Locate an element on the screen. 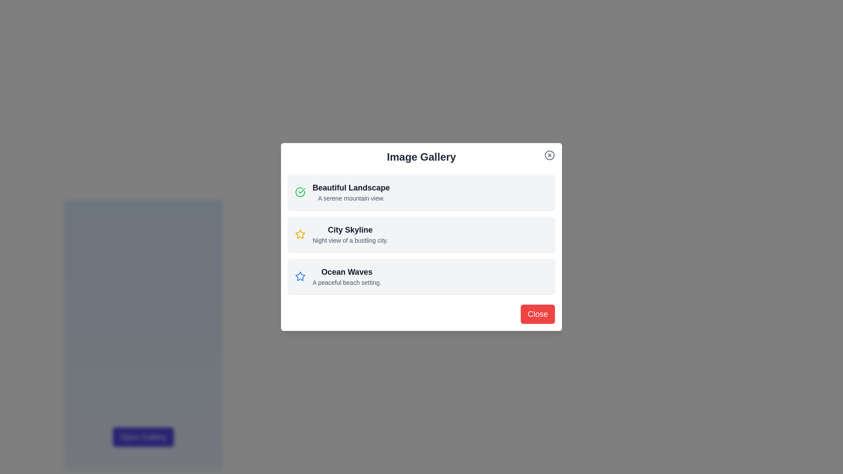 The image size is (843, 474). the second list item in the central part of a modal window that represents an item in a gallery or listing is located at coordinates (421, 233).